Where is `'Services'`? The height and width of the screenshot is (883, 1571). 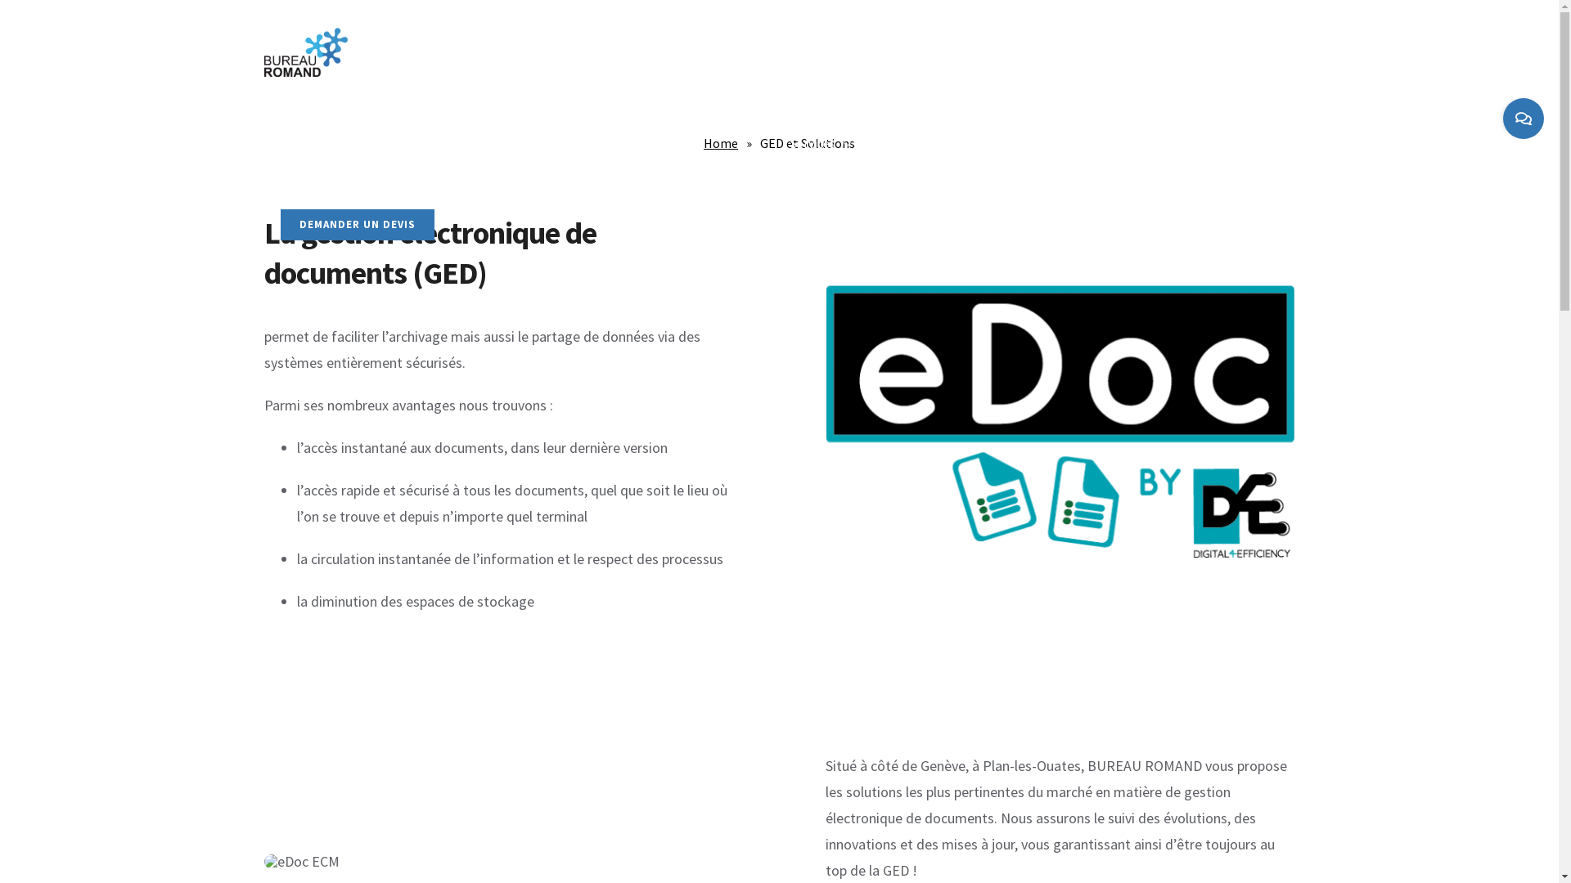 'Services' is located at coordinates (821, 141).